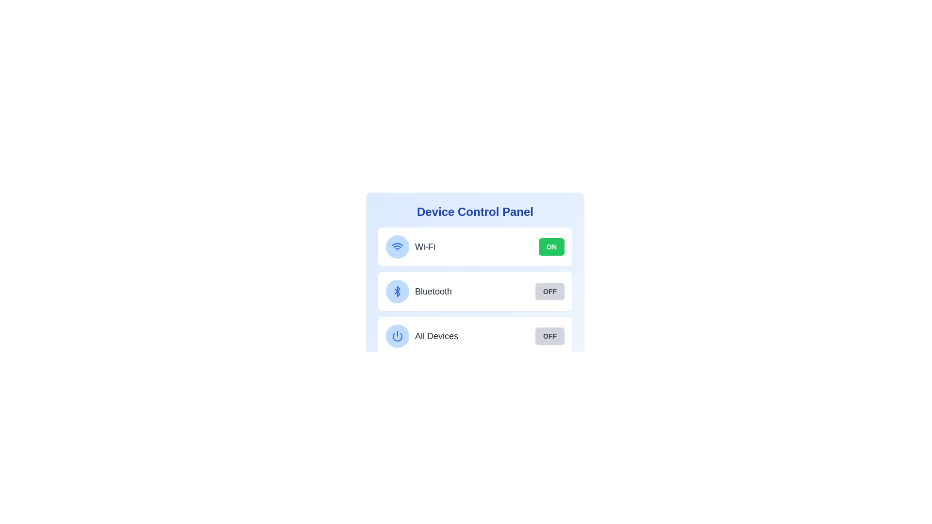 Image resolution: width=932 pixels, height=524 pixels. Describe the element at coordinates (422, 336) in the screenshot. I see `the informational label with a blue circular icon featuring a power symbol and the label 'All Devices' next to it, located in the third section of the 'Device Control Panel' layout` at that location.